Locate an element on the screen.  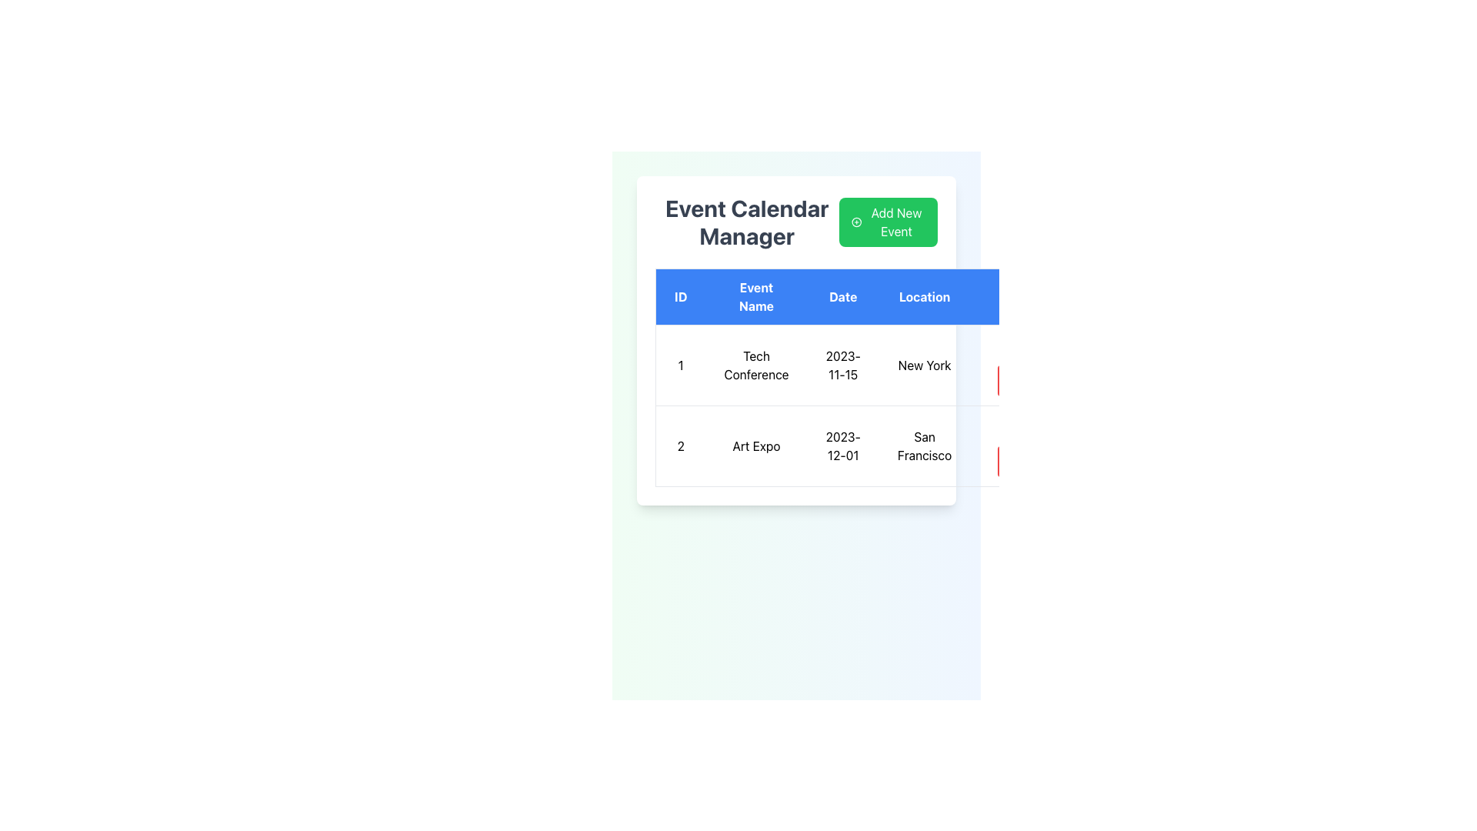
the icon located to the left of the 'Add New Event' text within the green button in the top-right corner of the 'Event Calendar Manager' section is located at coordinates (855, 222).